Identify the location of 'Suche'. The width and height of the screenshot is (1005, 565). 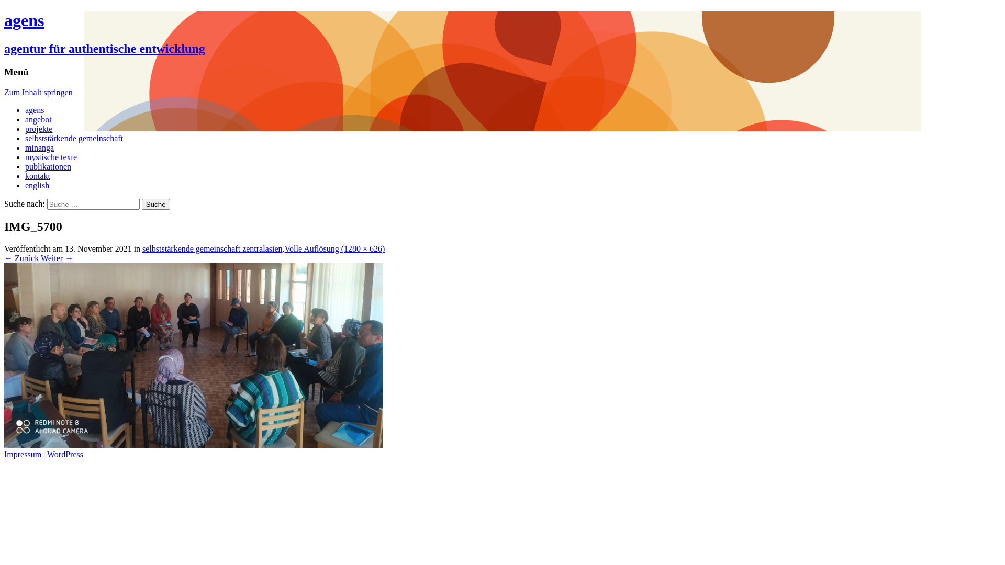
(155, 204).